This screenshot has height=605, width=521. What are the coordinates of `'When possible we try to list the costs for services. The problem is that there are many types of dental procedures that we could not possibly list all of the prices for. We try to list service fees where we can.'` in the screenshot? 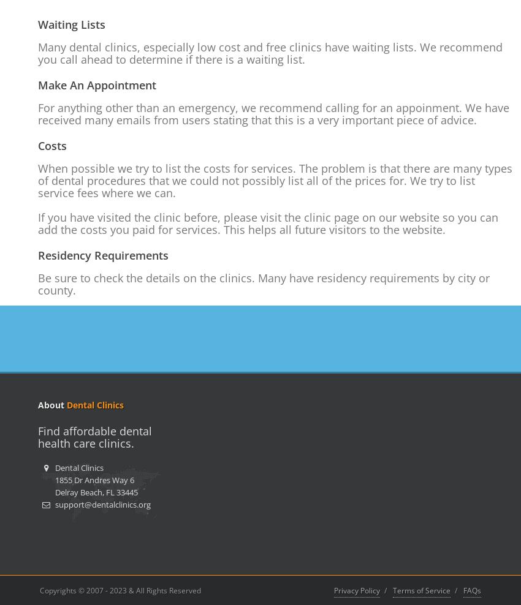 It's located at (37, 180).